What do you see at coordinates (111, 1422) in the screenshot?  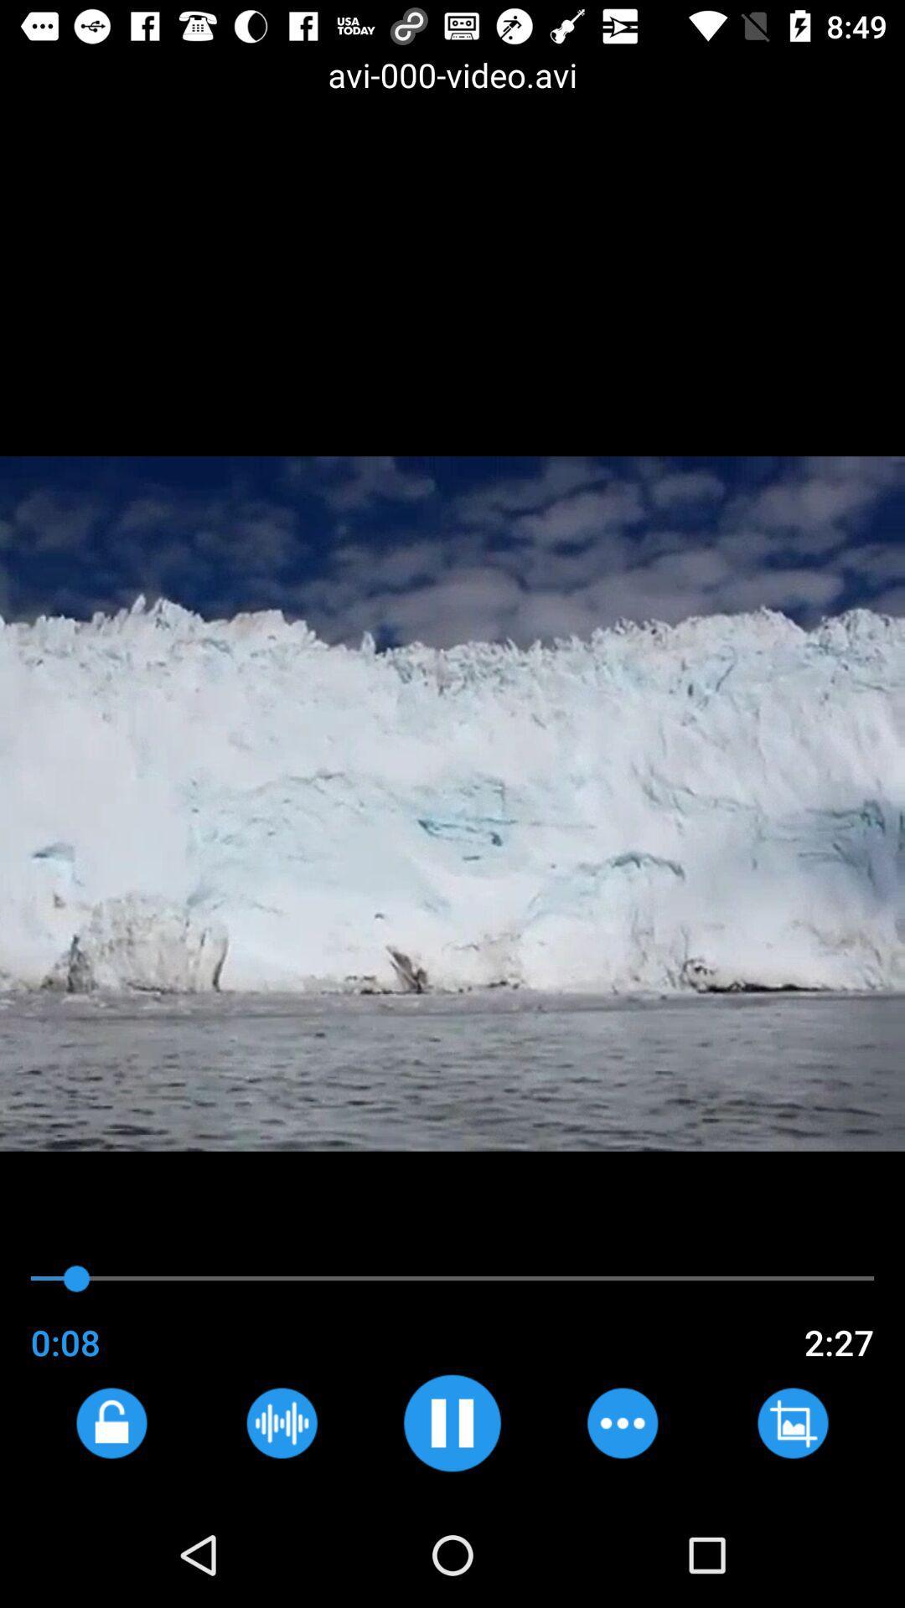 I see `the lock icon` at bounding box center [111, 1422].